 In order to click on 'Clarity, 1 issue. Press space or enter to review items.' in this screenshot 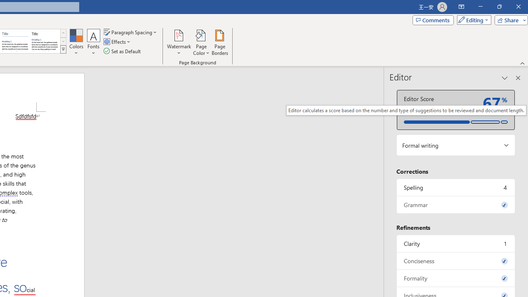, I will do `click(455, 243)`.